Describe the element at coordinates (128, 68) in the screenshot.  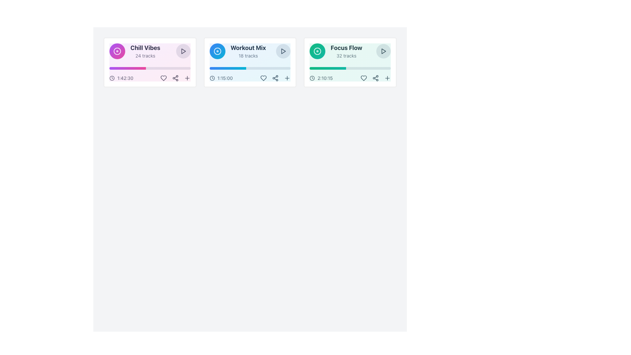
I see `the progress bar located within the 'Chill Vibes' card, positioned below the card title and above the statistics` at that location.